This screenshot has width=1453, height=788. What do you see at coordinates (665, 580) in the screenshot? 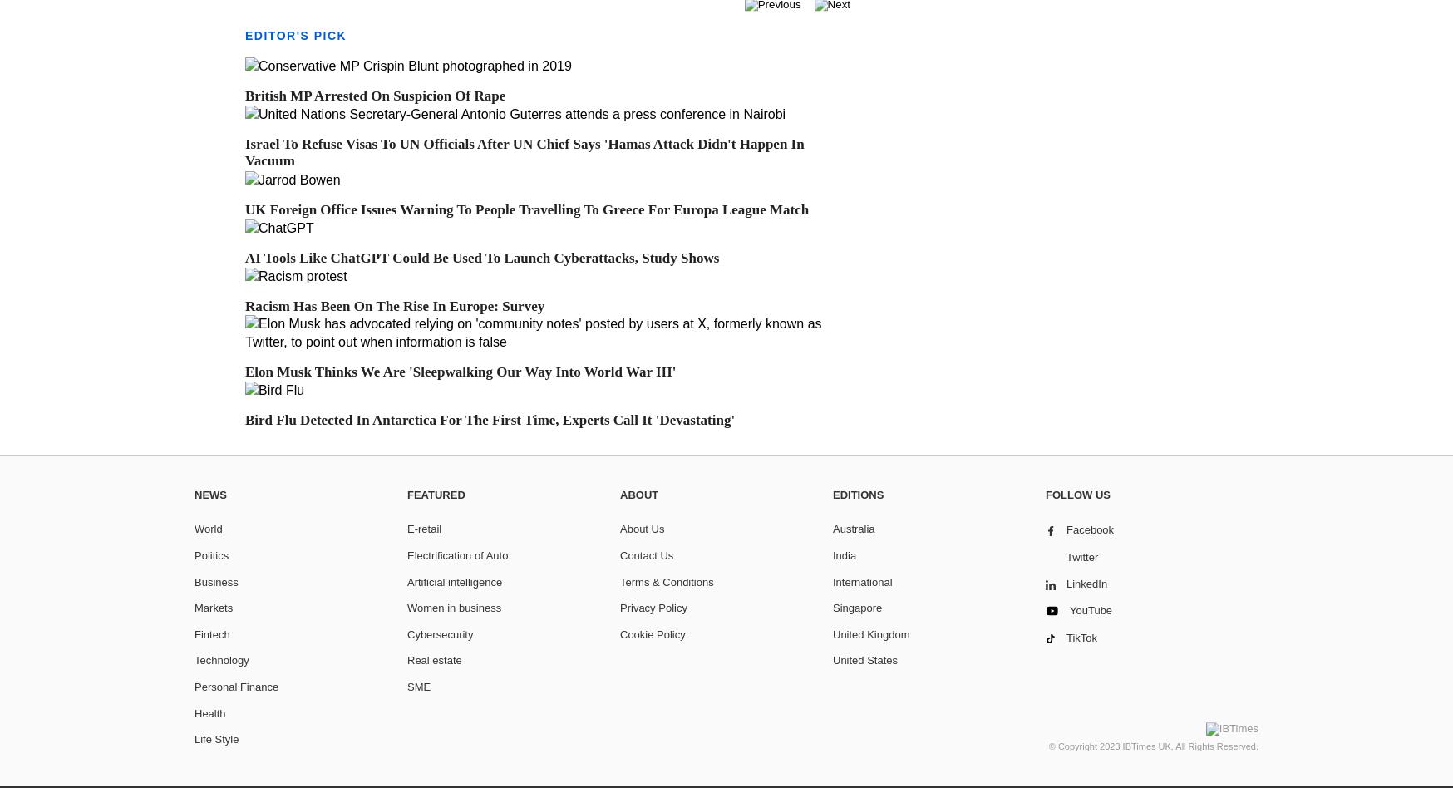
I see `'Terms & Conditions'` at bounding box center [665, 580].